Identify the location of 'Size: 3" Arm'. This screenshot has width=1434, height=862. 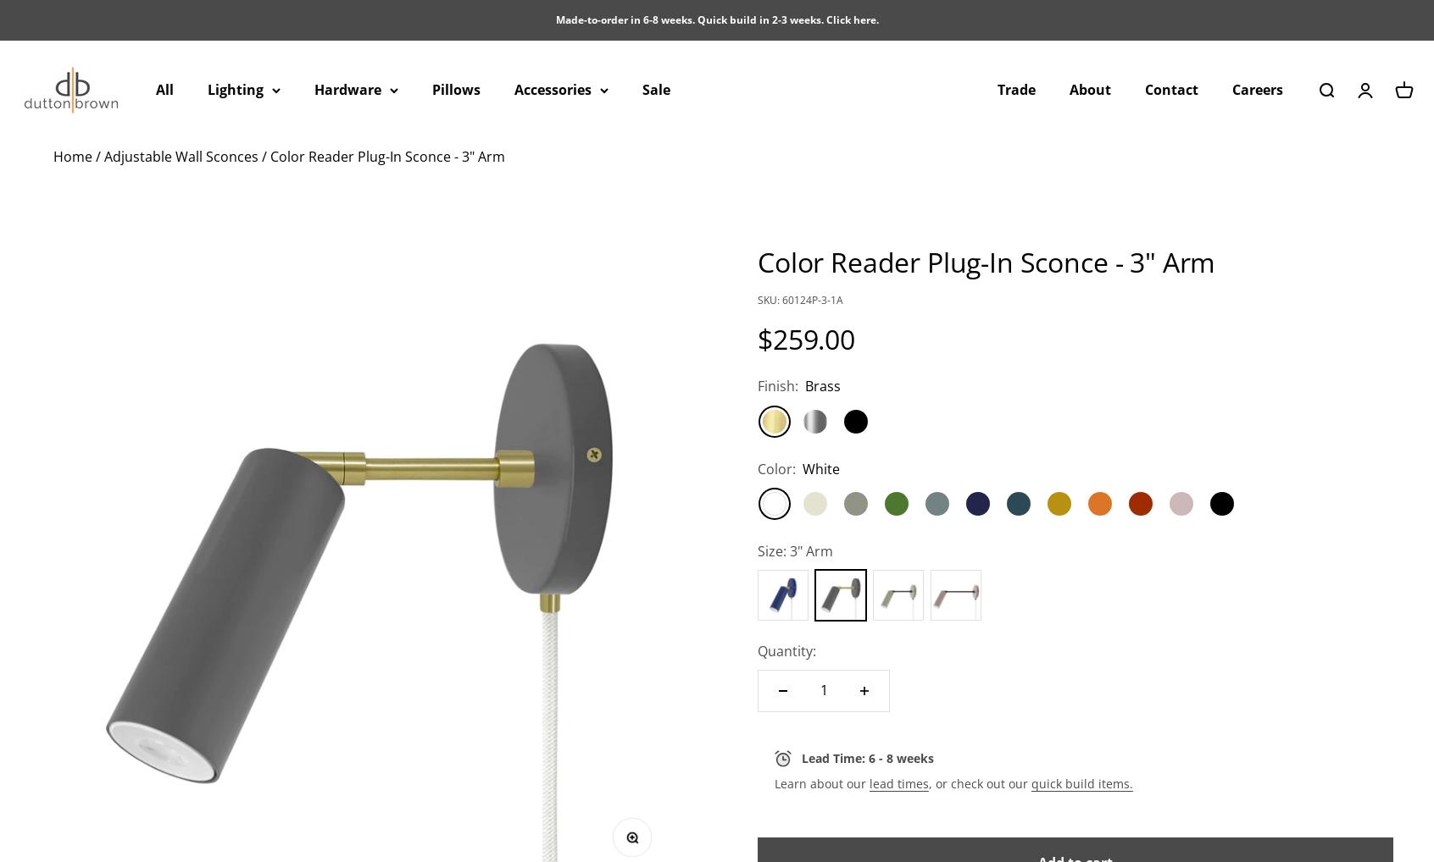
(795, 550).